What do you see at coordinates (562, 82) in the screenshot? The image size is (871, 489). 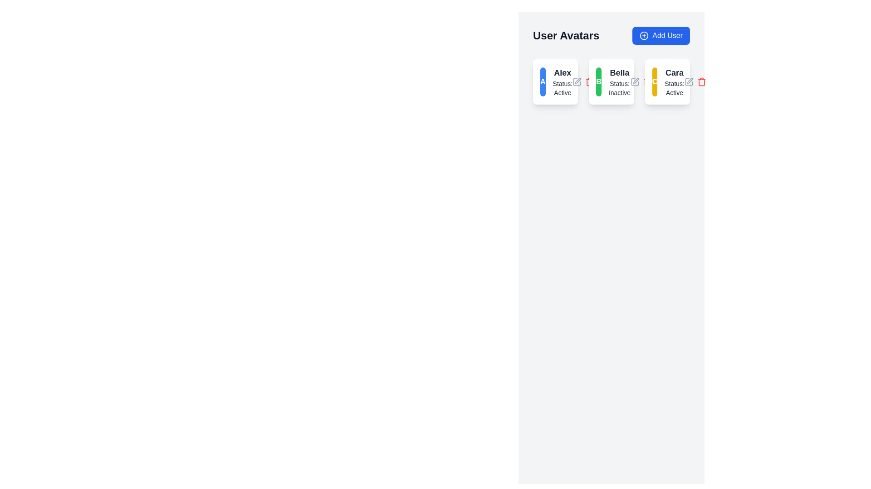 I see `displayed text of the user 'Alex' in the second card of the user management interface, which shows the name and status as 'Active'` at bounding box center [562, 82].